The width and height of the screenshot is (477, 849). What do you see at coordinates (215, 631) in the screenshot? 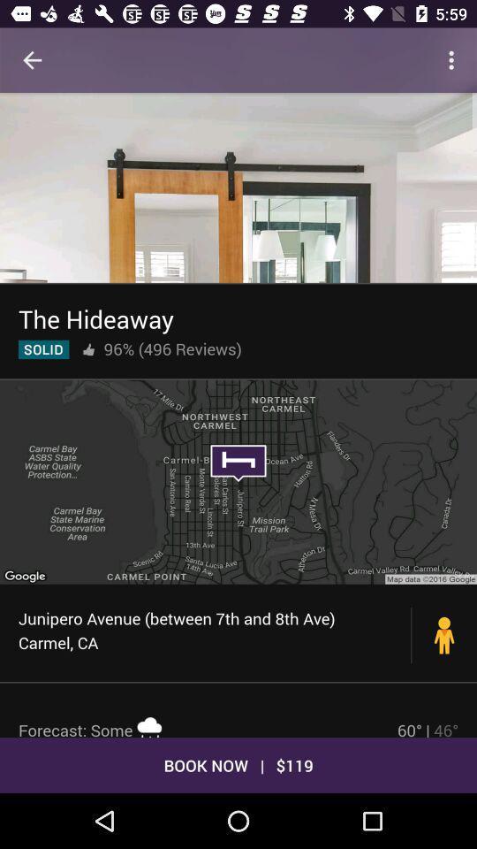
I see `junipero avenue between icon` at bounding box center [215, 631].